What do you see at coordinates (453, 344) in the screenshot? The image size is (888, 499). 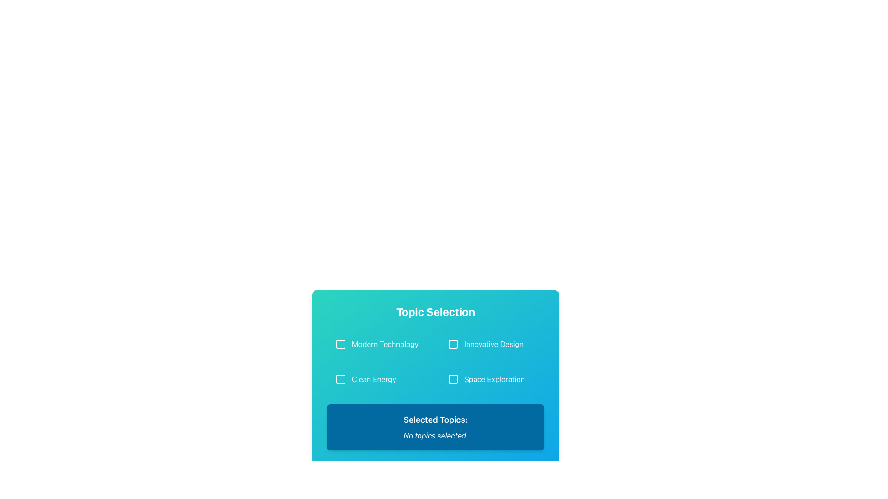 I see `the checkbox located in the Topic Selection section next to the text 'Innovative Design'` at bounding box center [453, 344].